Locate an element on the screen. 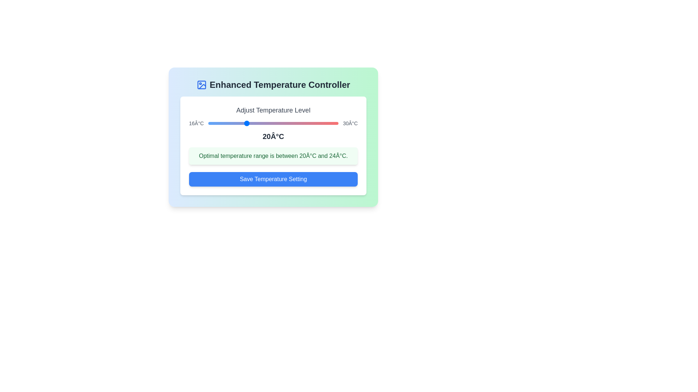 This screenshot has width=698, height=392. the 'Save Temperature Setting' button is located at coordinates (273, 179).